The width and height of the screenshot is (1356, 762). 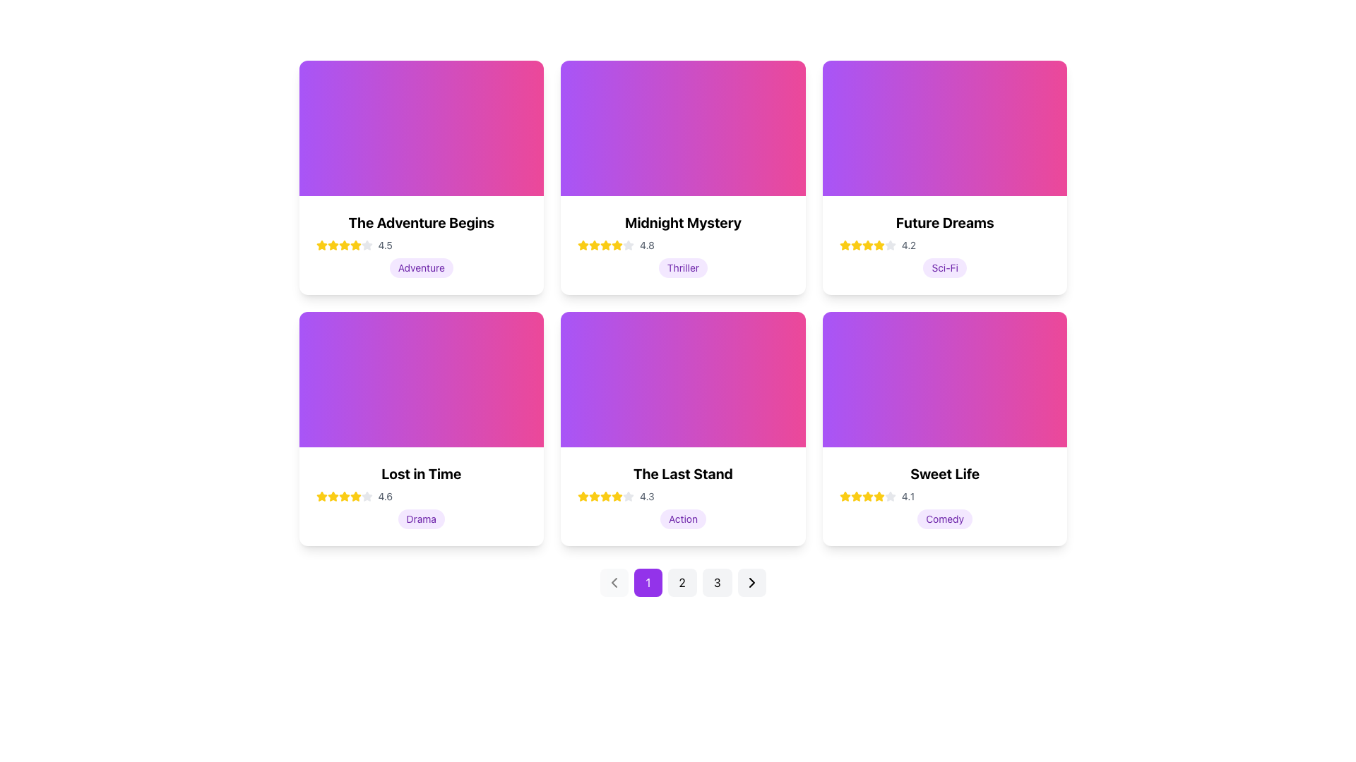 What do you see at coordinates (867, 496) in the screenshot?
I see `the fourth filled star icon in the rating sequence for the 'Sweet Life' card` at bounding box center [867, 496].